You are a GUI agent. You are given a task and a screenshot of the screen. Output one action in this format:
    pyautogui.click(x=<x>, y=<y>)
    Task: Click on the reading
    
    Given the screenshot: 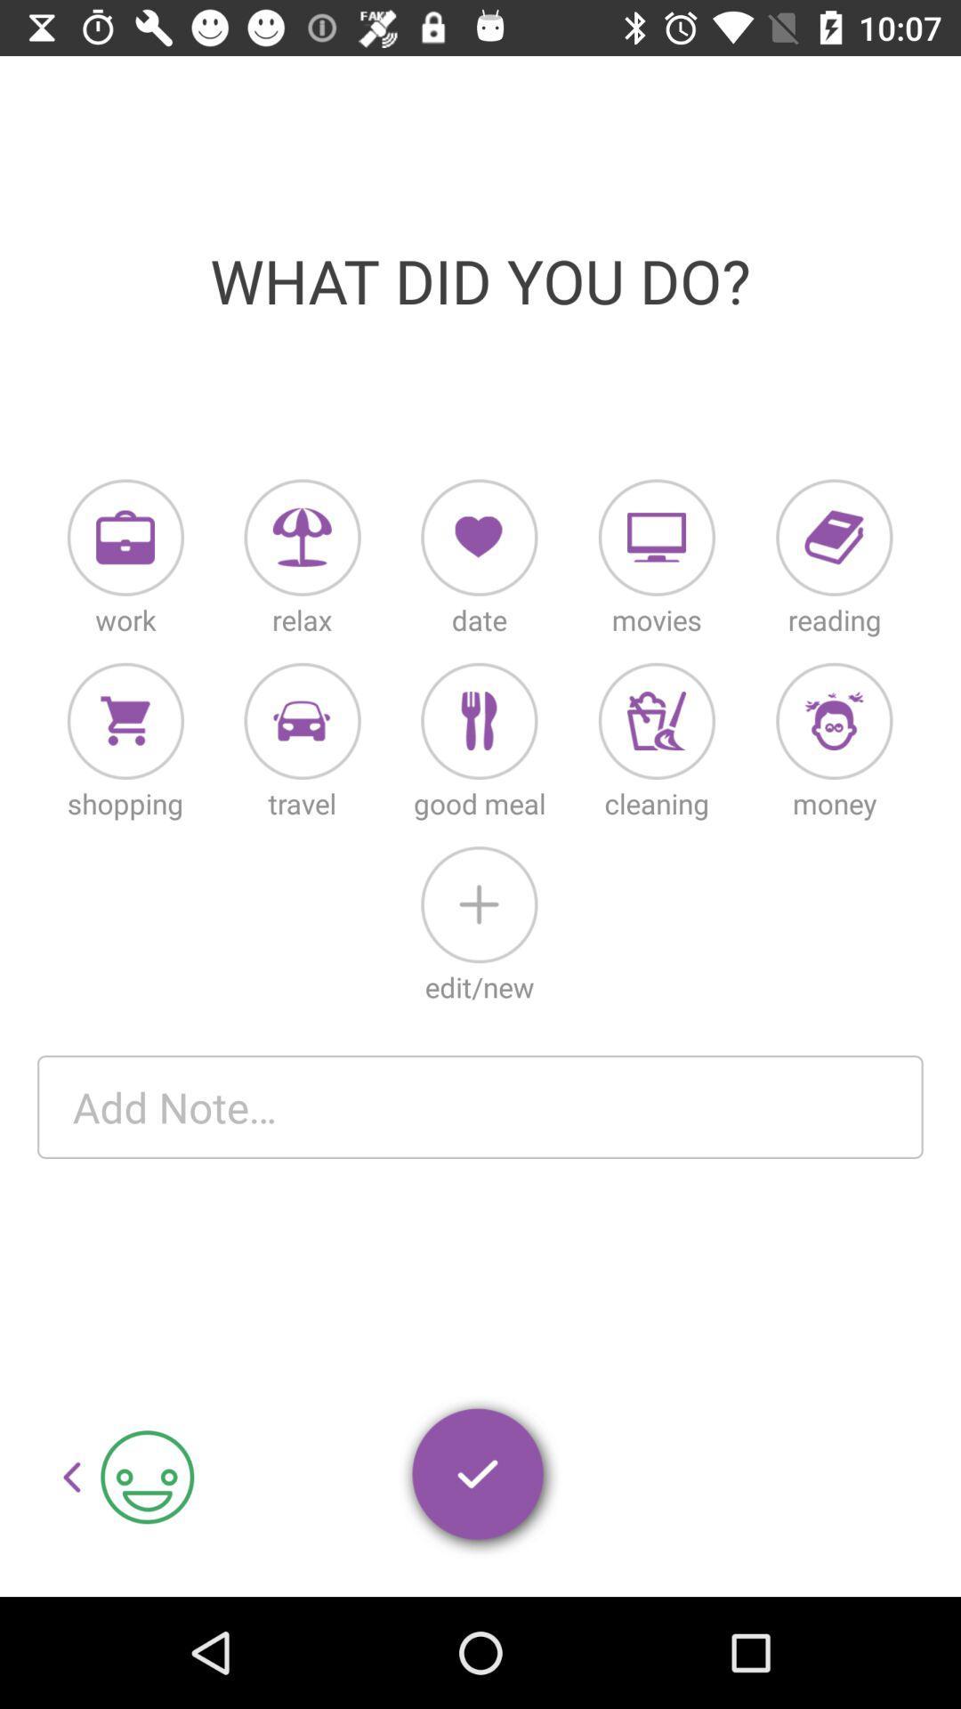 What is the action you would take?
    pyautogui.click(x=834, y=537)
    